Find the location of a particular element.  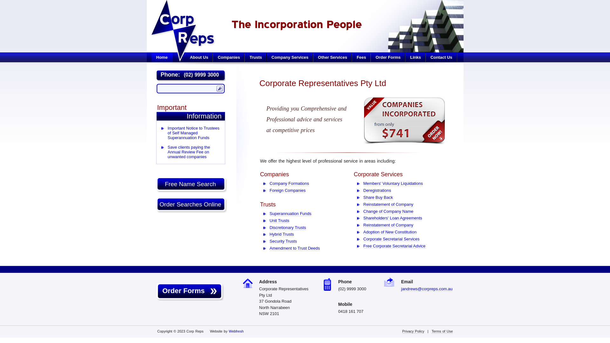

'Terms of Use' is located at coordinates (442, 331).